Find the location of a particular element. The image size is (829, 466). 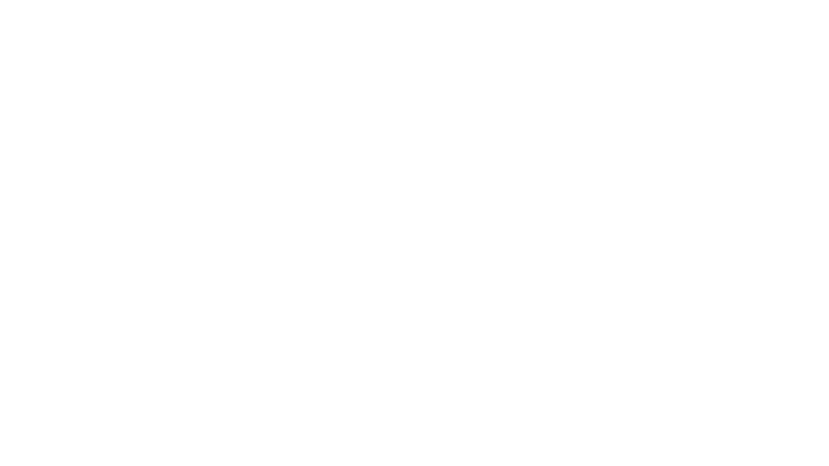

Select 5:30 PM on Mon, Jun 27, 2022 is located at coordinates (614, 176).